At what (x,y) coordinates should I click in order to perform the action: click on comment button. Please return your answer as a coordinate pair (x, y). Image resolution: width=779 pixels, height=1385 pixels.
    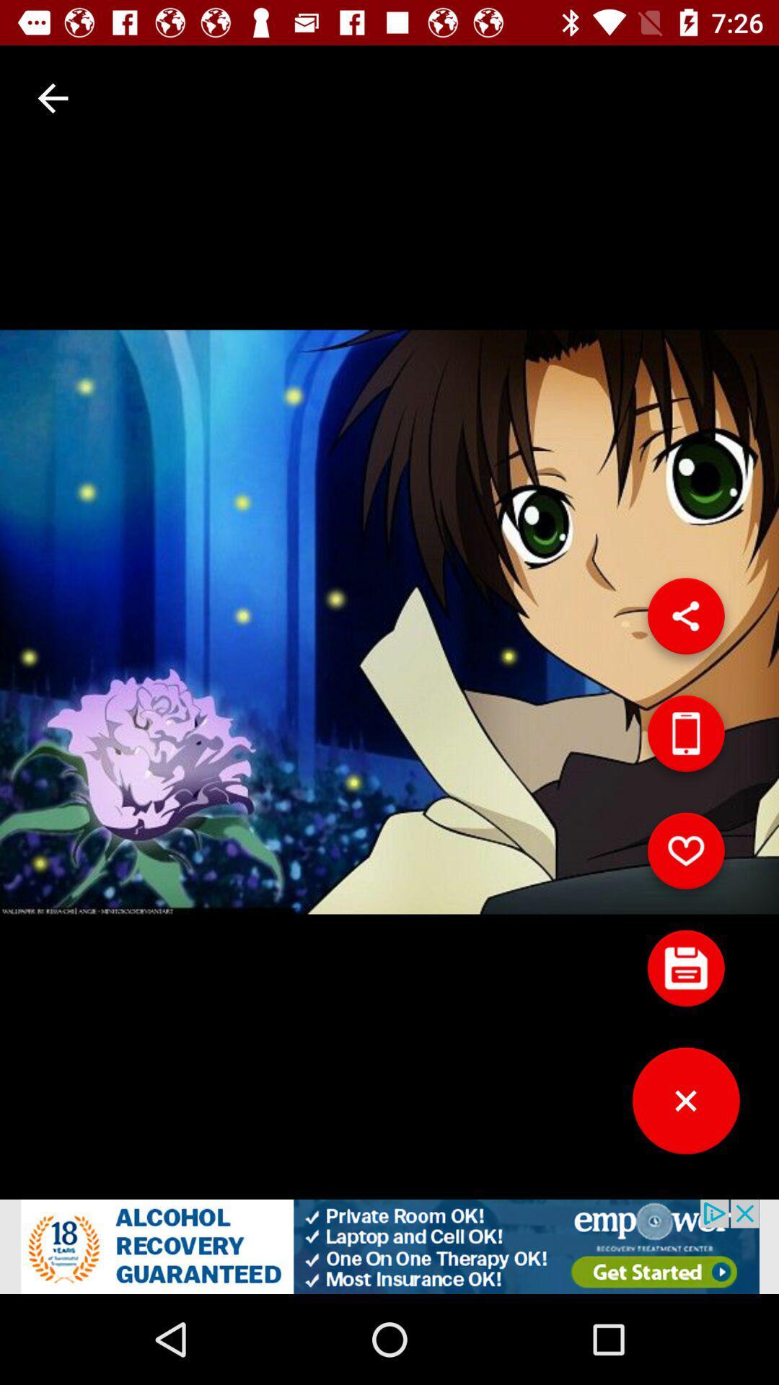
    Looking at the image, I should click on (685, 974).